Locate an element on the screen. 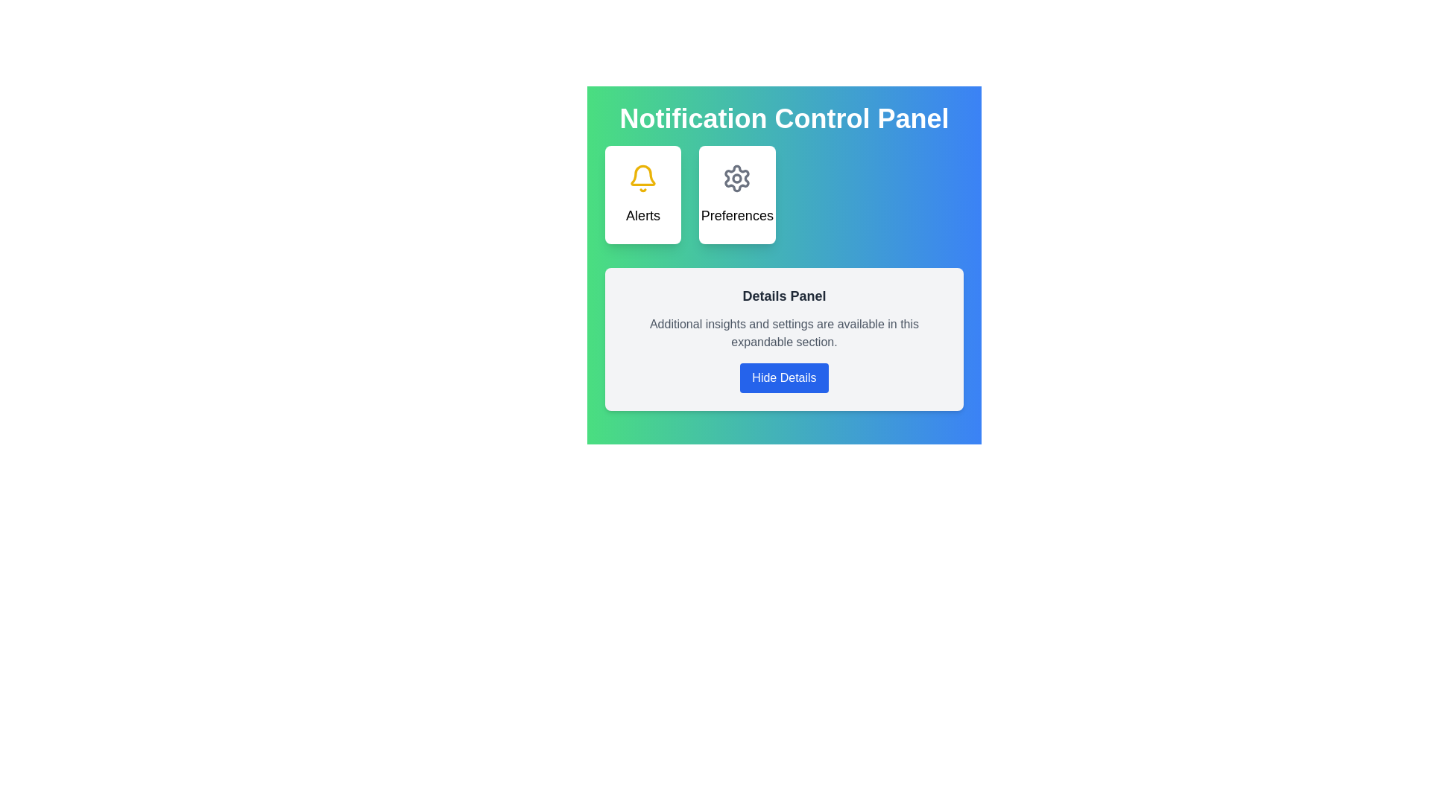 Image resolution: width=1431 pixels, height=804 pixels. the 'Preferences' card in the interactive card grid located below the 'Notification Control Panel' title to adjust preferences is located at coordinates (783, 194).